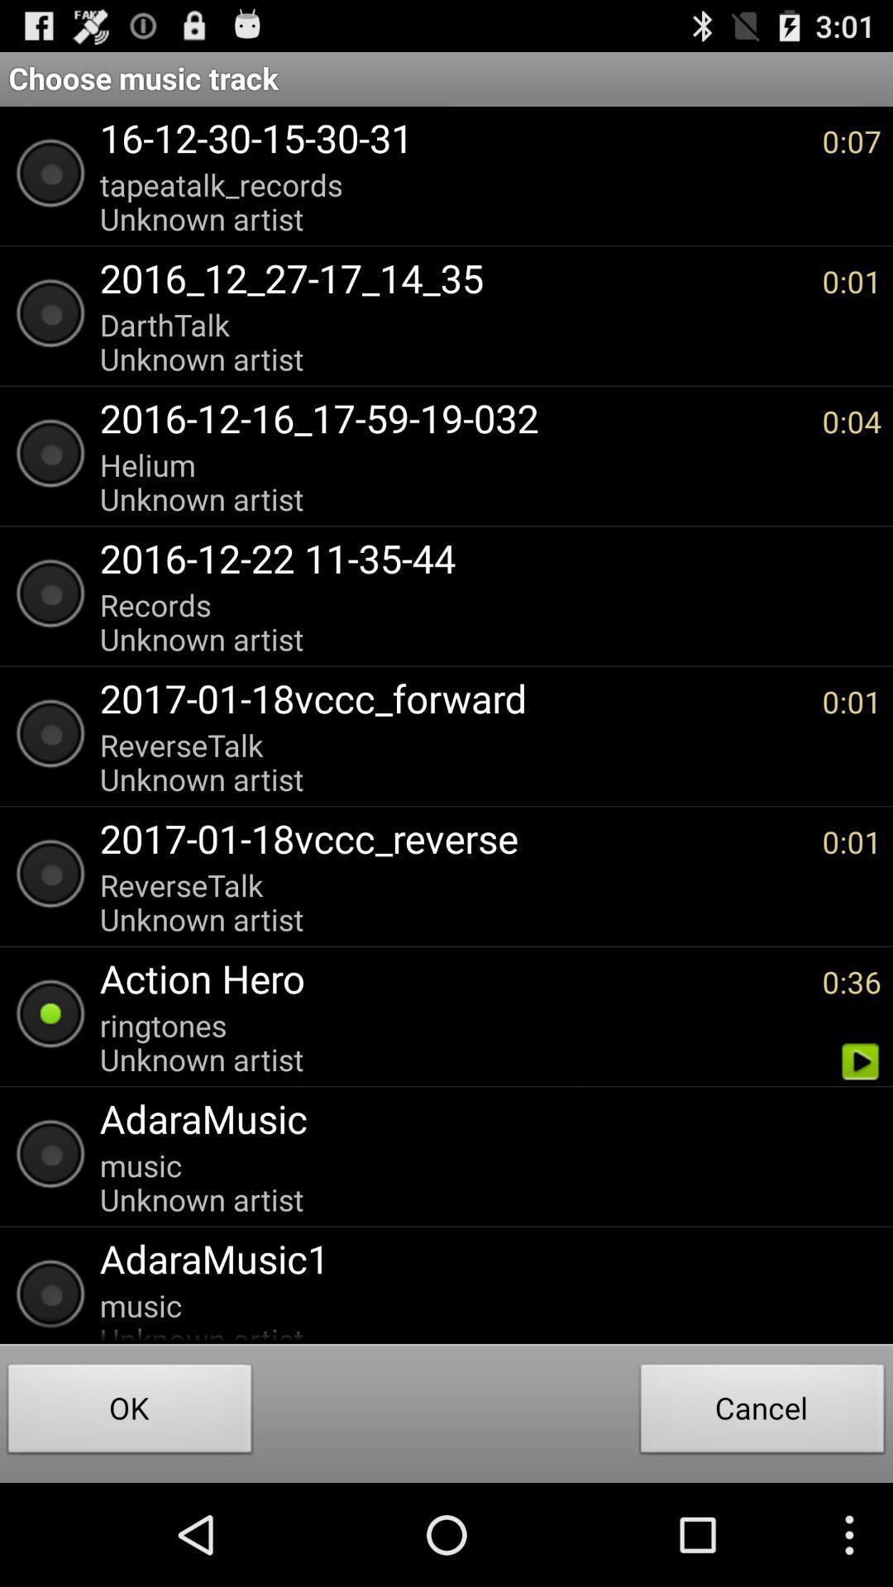 Image resolution: width=893 pixels, height=1587 pixels. I want to click on icon below the reversetalk, so click(452, 978).